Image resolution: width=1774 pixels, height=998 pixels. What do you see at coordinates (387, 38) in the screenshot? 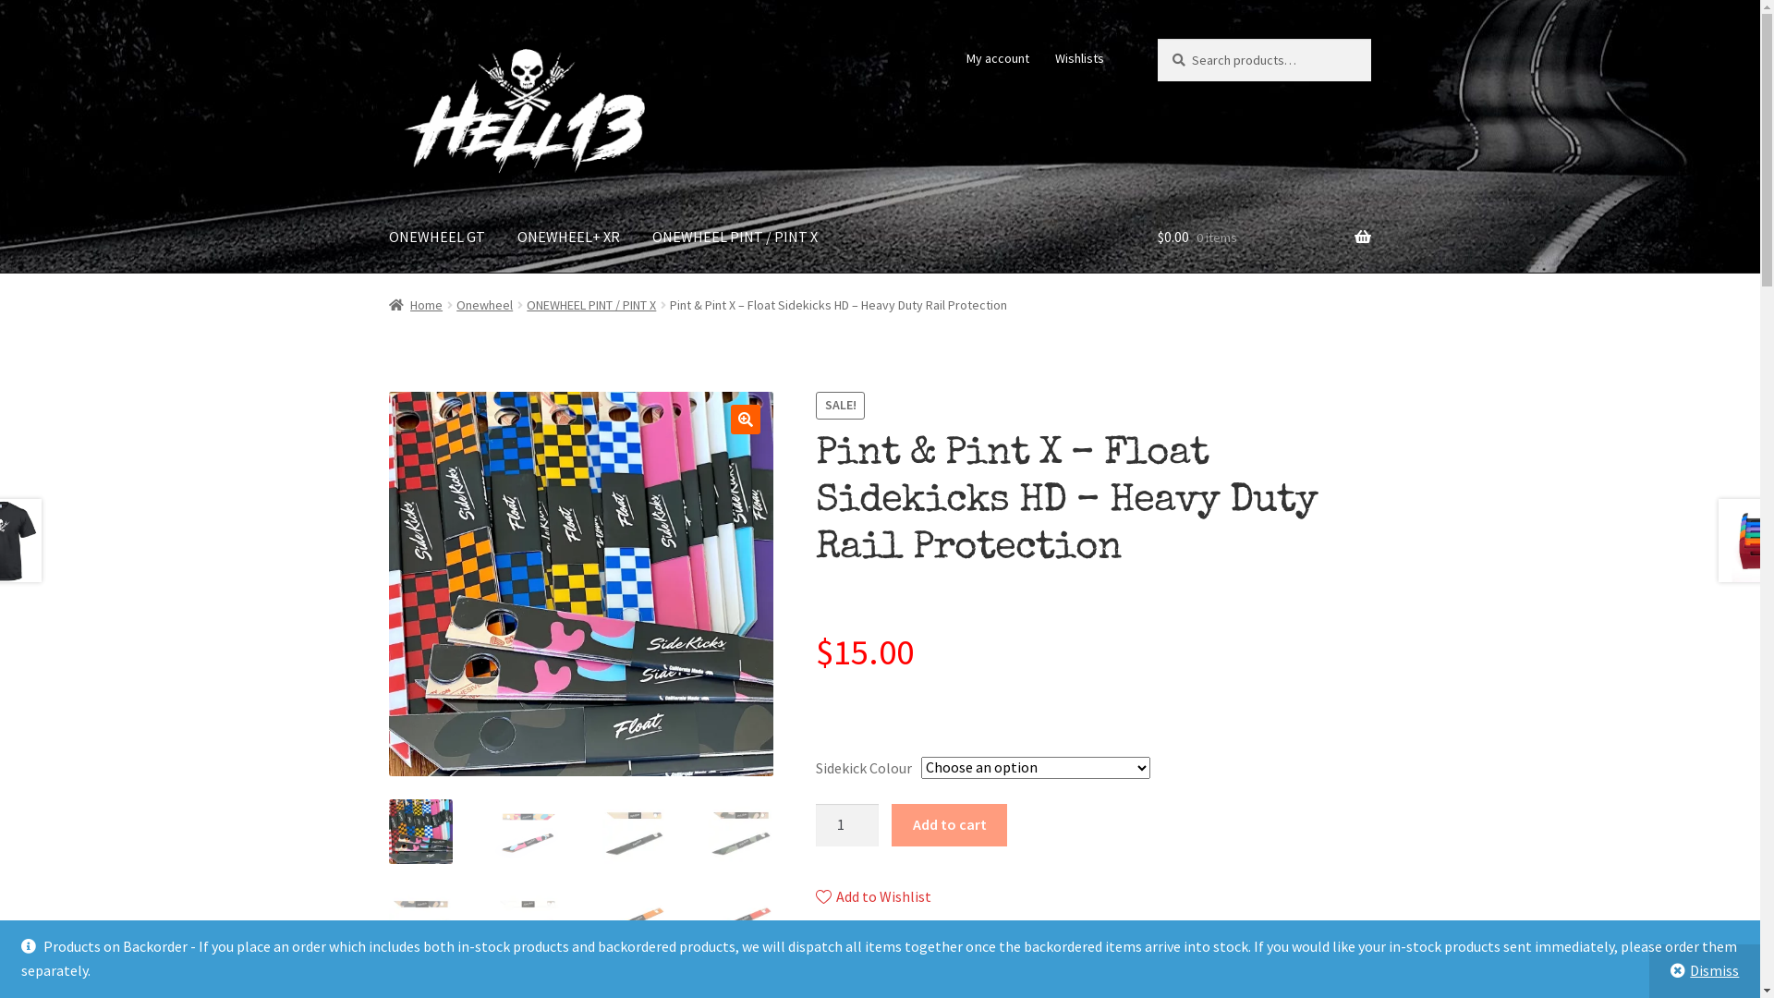
I see `'Skip to navigation'` at bounding box center [387, 38].